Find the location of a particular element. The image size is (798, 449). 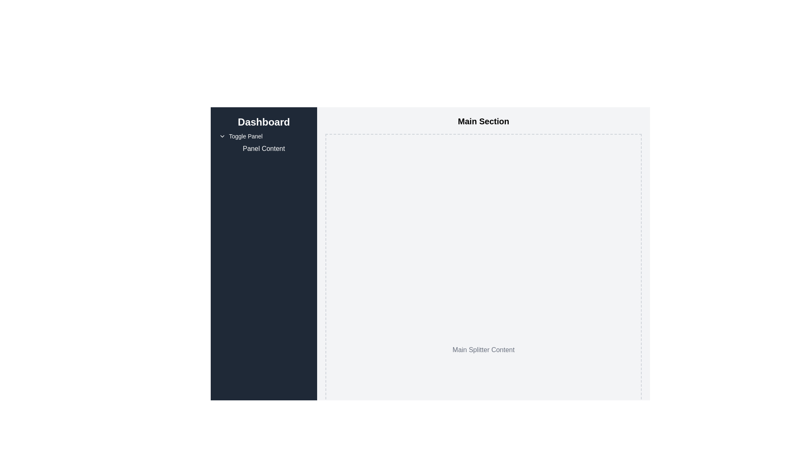

the downward-pointing chevron icon located to the left of the 'Toggle Panel' text in the 'Dashboard' sidebar section is located at coordinates (222, 136).